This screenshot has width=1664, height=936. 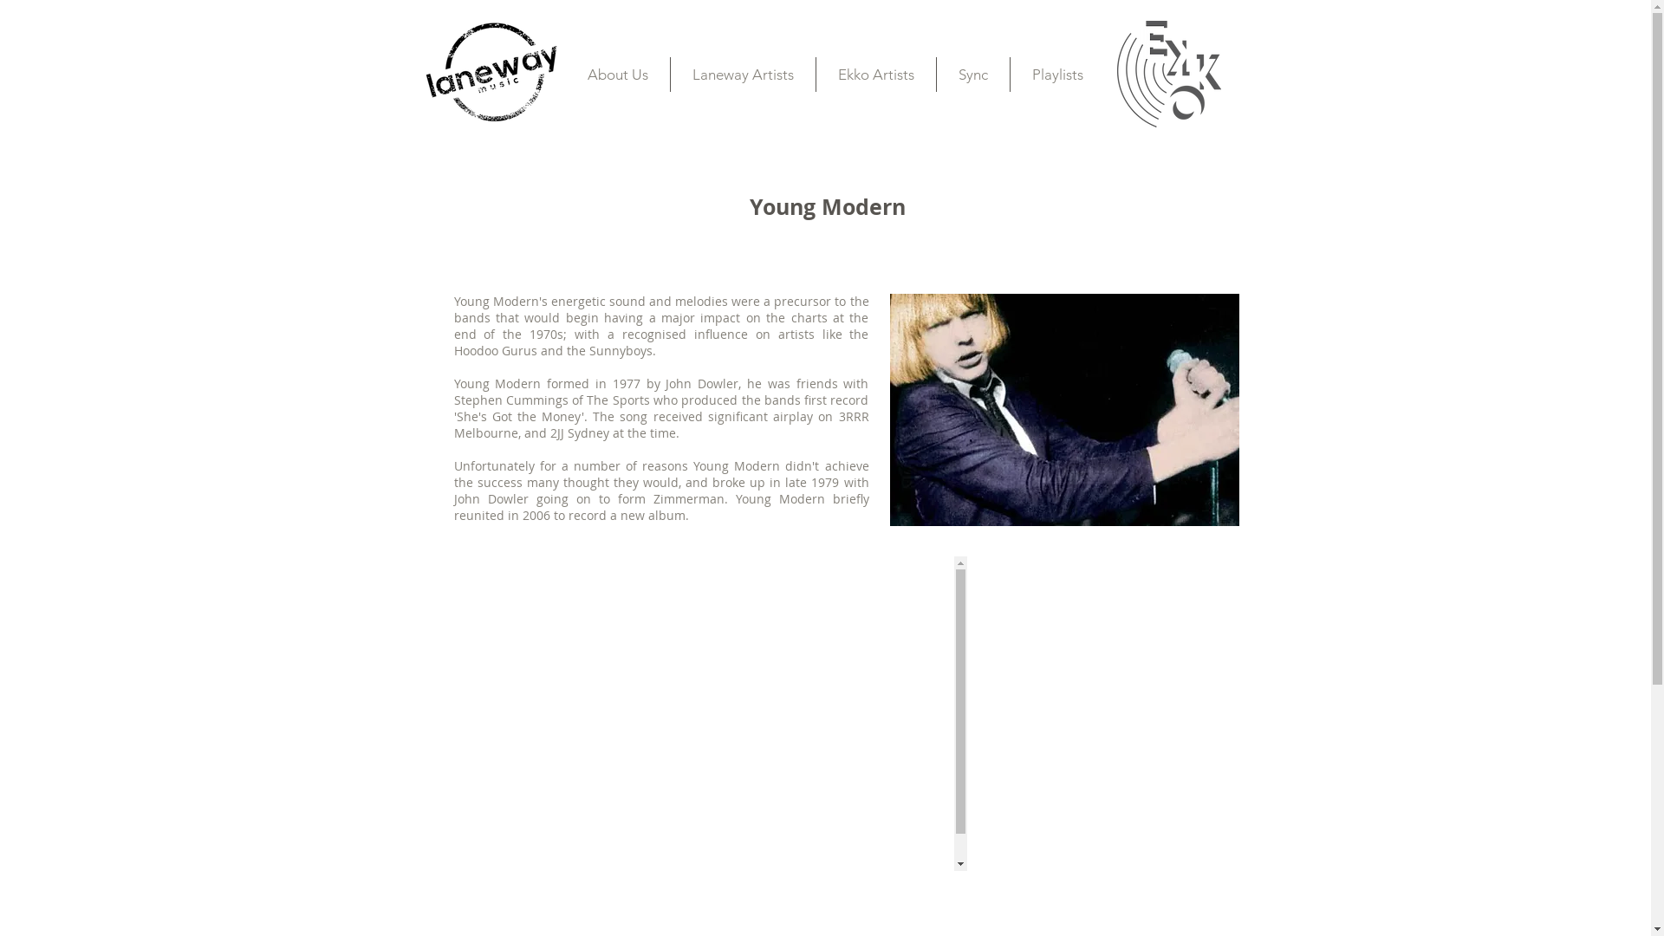 What do you see at coordinates (743, 73) in the screenshot?
I see `'Laneway Artists'` at bounding box center [743, 73].